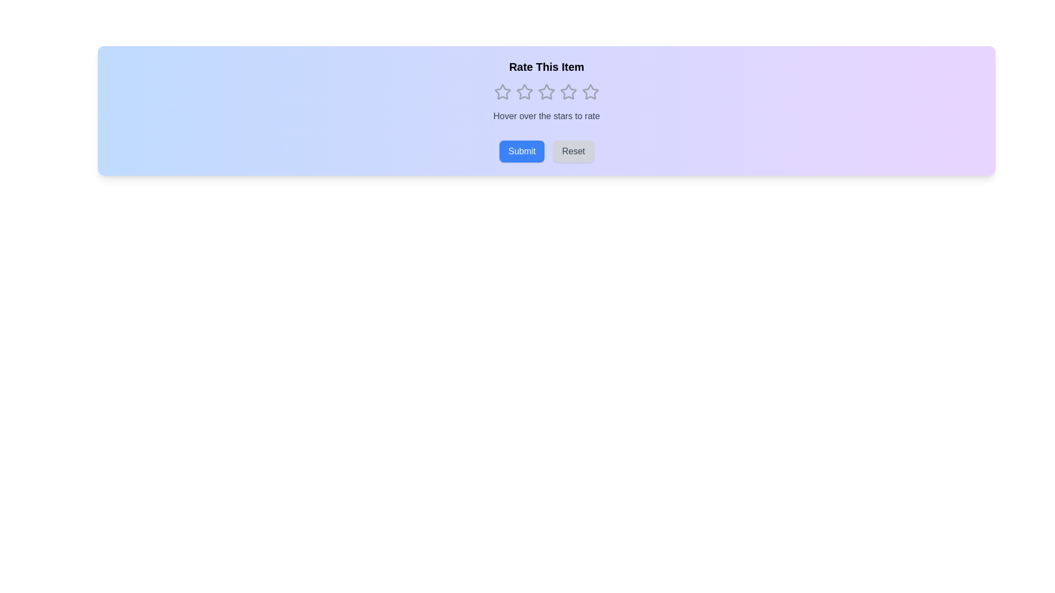 Image resolution: width=1055 pixels, height=593 pixels. What do you see at coordinates (524, 92) in the screenshot?
I see `the third star icon in the five-star rating system located beneath the header 'Rate This Item'` at bounding box center [524, 92].